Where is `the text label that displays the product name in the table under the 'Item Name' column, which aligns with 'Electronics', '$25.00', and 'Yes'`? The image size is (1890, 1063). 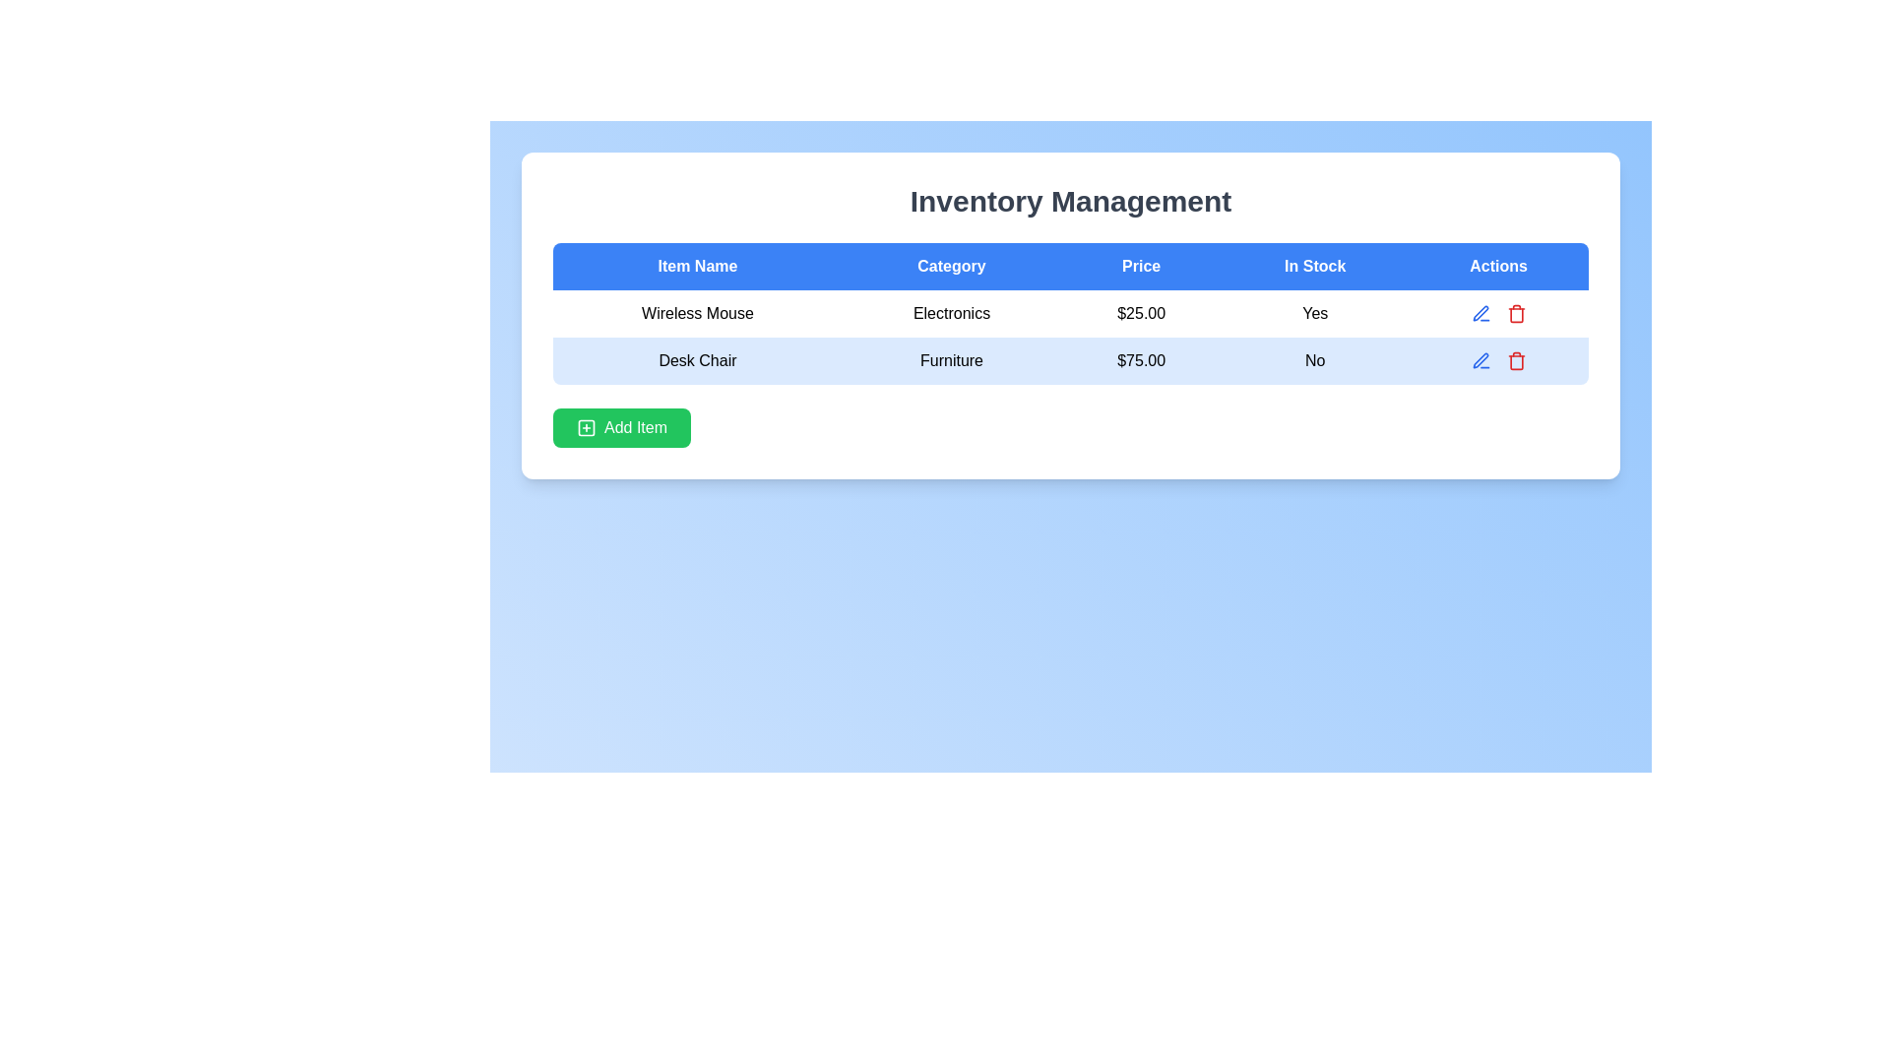 the text label that displays the product name in the table under the 'Item Name' column, which aligns with 'Electronics', '$25.00', and 'Yes' is located at coordinates (697, 313).